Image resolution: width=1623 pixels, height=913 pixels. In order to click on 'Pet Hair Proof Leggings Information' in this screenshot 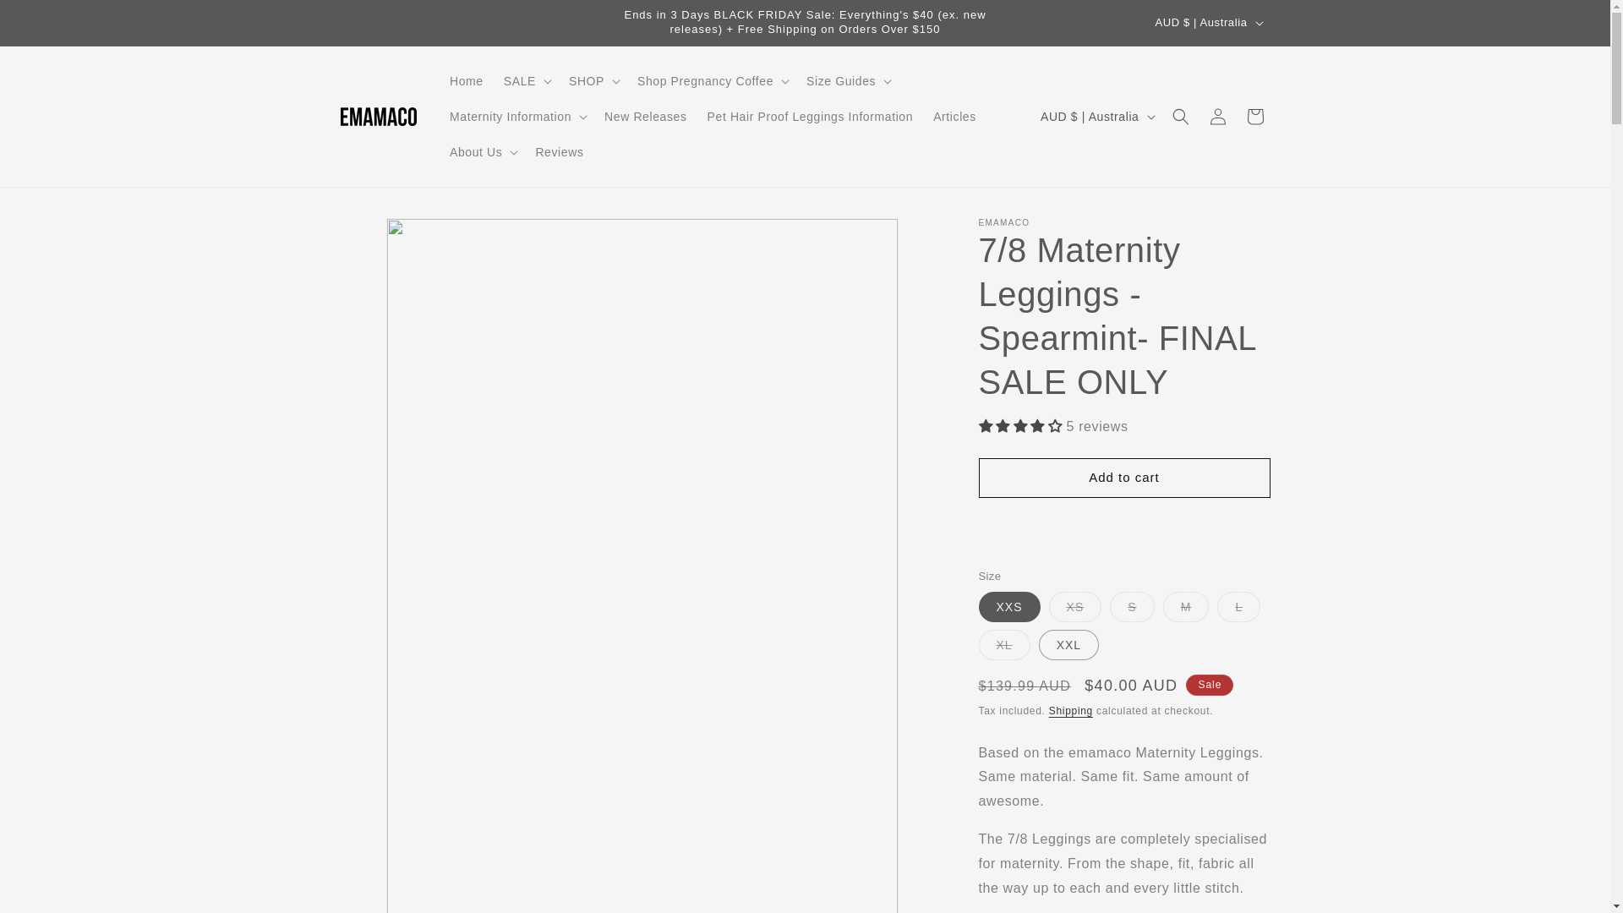, I will do `click(810, 116)`.